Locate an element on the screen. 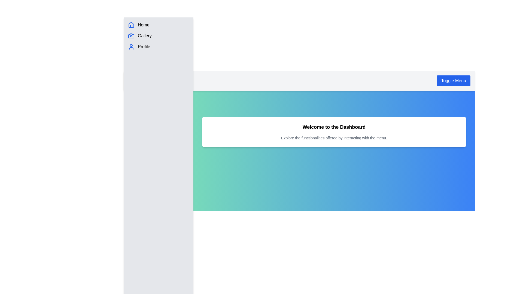 The width and height of the screenshot is (523, 294). the middle menu item in the vertical menu is located at coordinates (158, 36).